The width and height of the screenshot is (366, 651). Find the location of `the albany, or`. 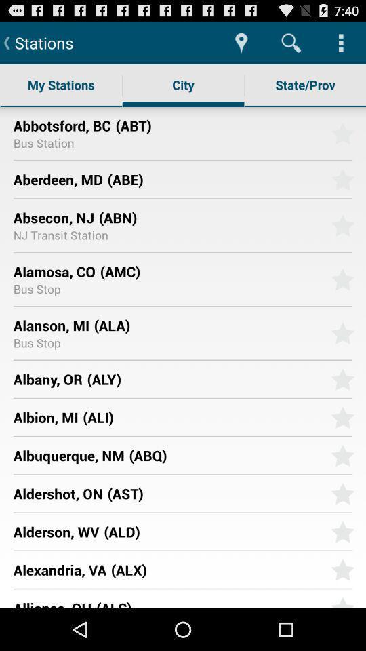

the albany, or is located at coordinates (47, 379).